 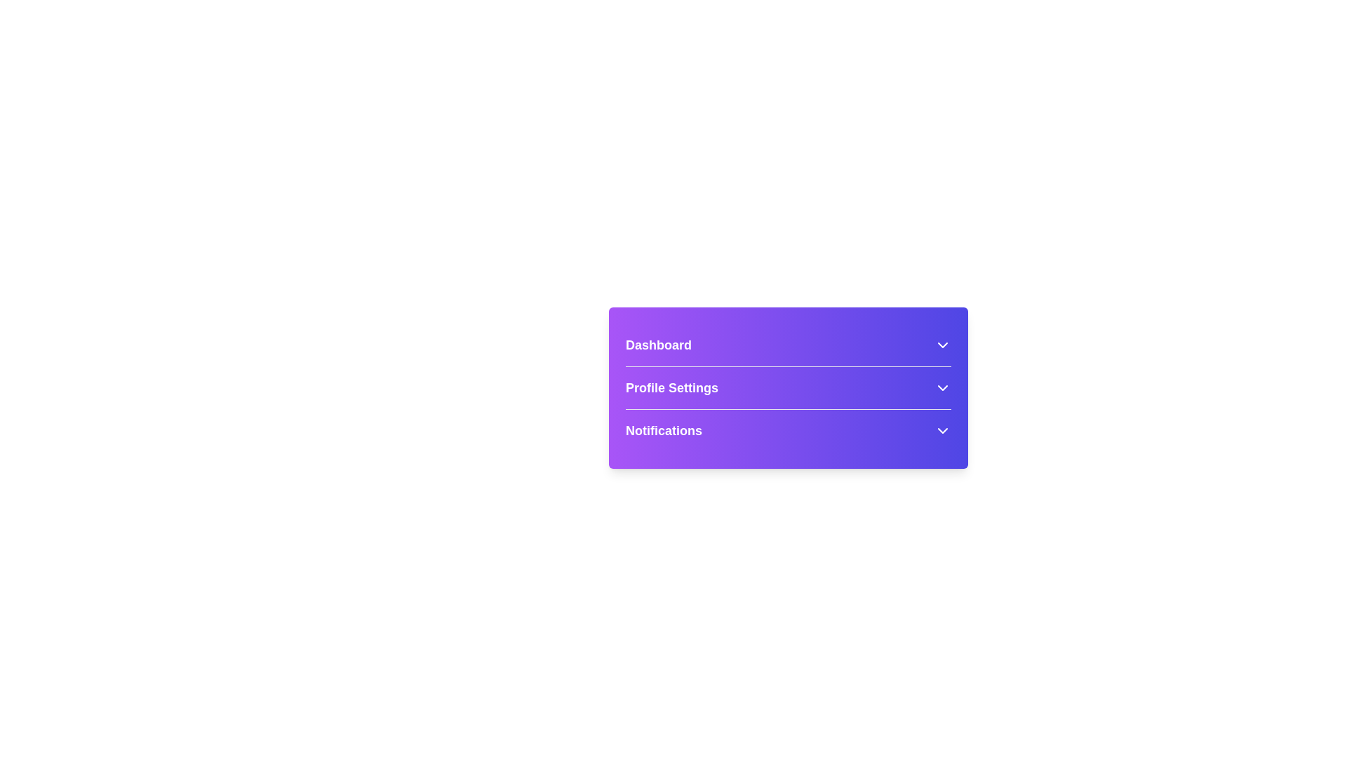 What do you see at coordinates (788, 430) in the screenshot?
I see `the menu item labeled 'Notifications' to expand and read its description` at bounding box center [788, 430].